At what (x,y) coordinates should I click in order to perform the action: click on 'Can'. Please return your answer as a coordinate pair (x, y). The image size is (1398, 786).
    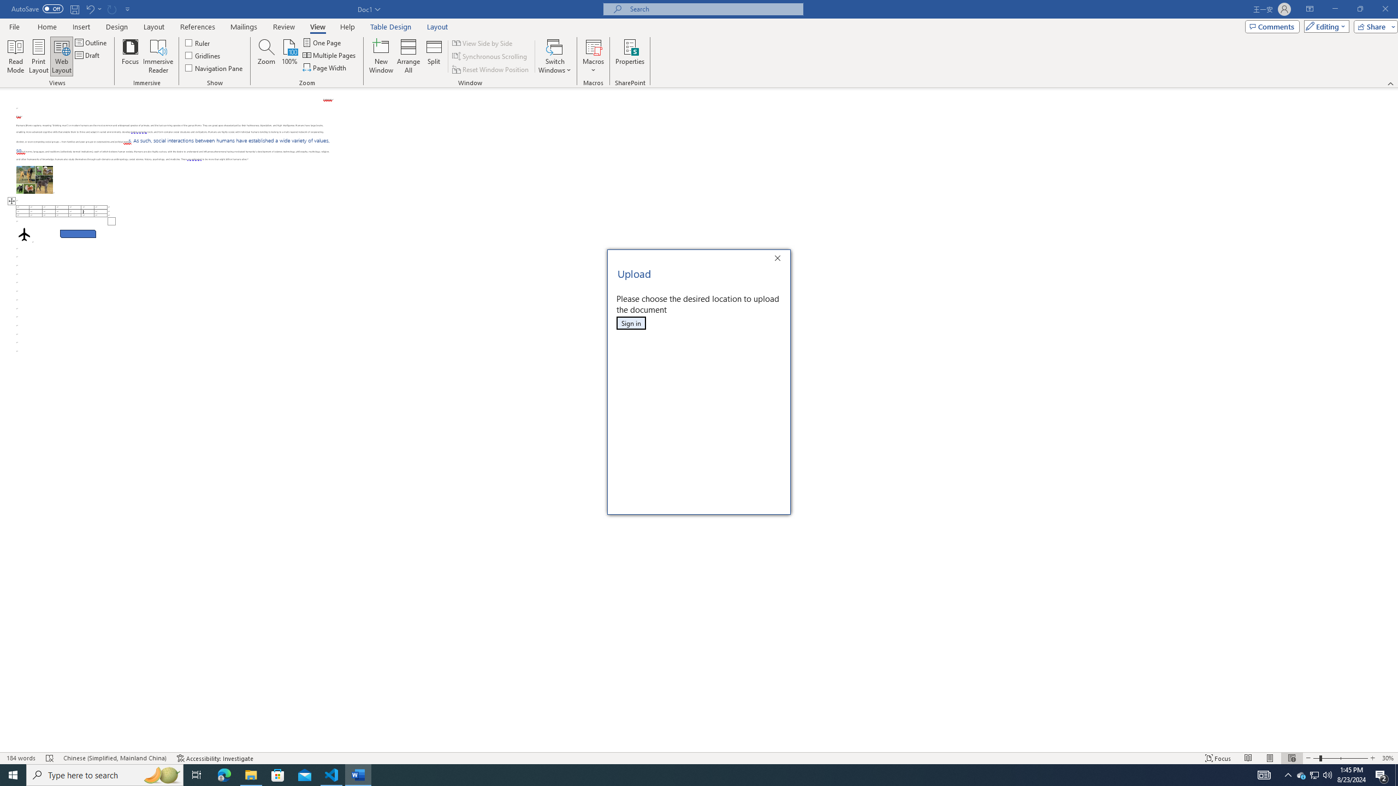
    Looking at the image, I should click on (112, 8).